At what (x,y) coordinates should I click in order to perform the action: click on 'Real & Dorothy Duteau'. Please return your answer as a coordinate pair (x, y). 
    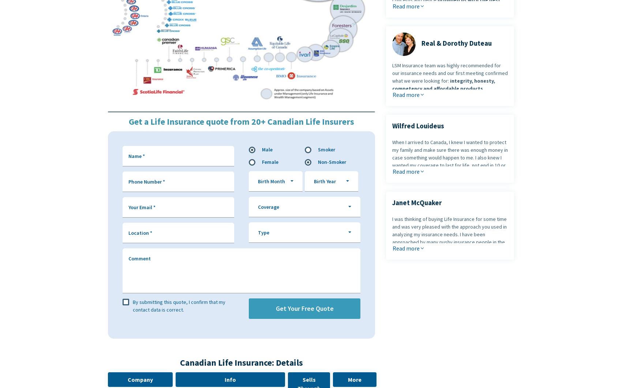
    Looking at the image, I should click on (456, 43).